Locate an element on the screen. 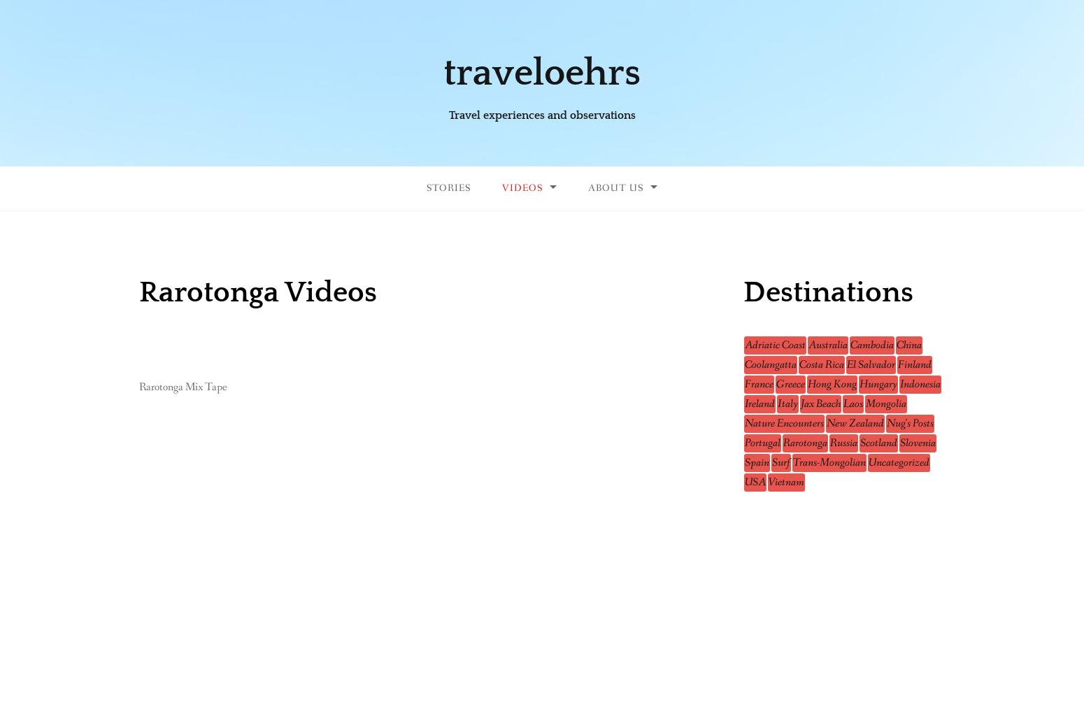 The height and width of the screenshot is (707, 1084). 'China' is located at coordinates (896, 344).